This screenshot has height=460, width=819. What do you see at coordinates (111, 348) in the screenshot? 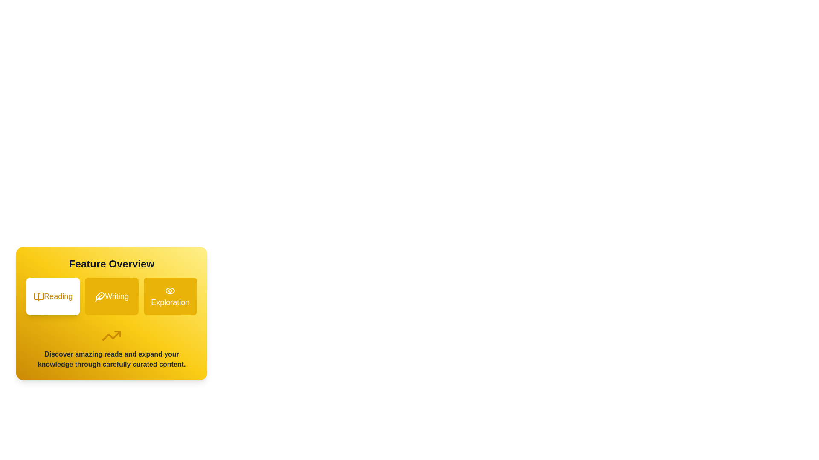
I see `the text block that contains the content 'Discover amazing reads and expand your knowledge through carefully curated content.' This element is styled with centered alignment in gray font over a gradient yellow background, positioned beneath an upward trending arrow icon` at bounding box center [111, 348].